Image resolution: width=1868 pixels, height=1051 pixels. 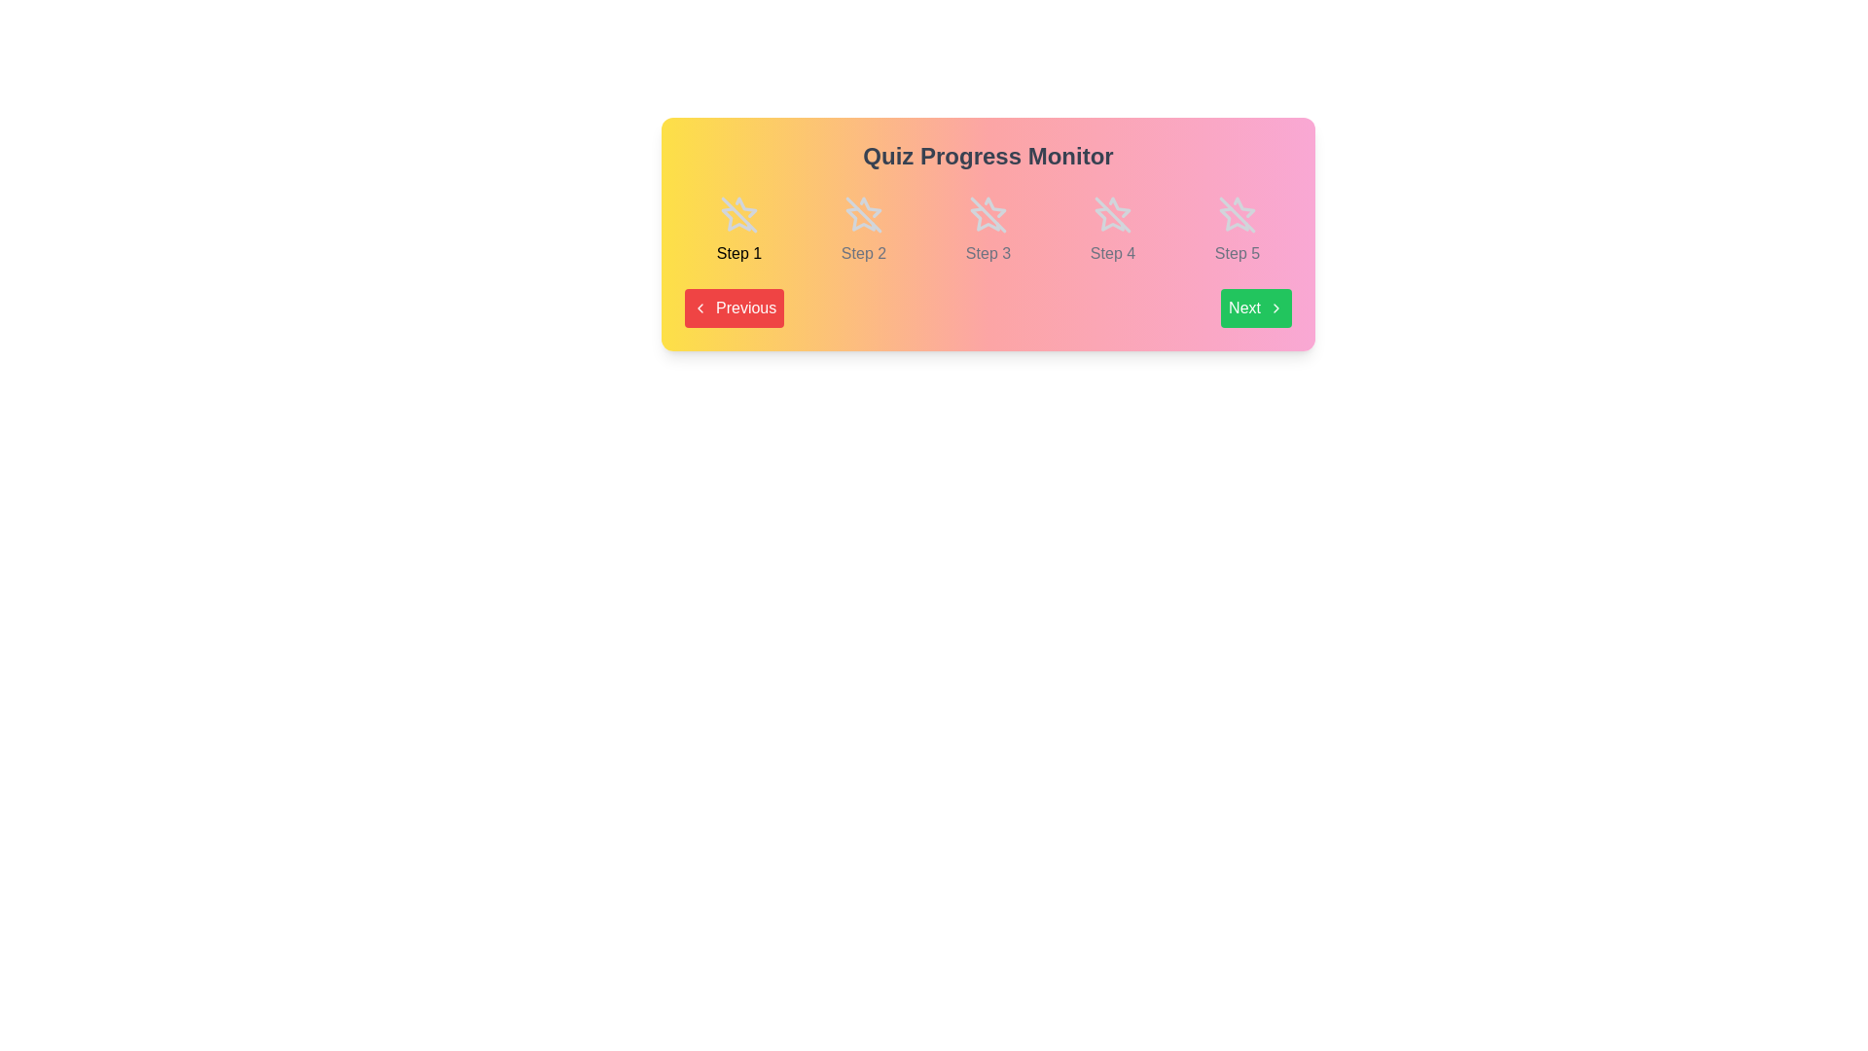 What do you see at coordinates (988, 214) in the screenshot?
I see `the third step indicator represented by a diagonal line within a star icon in the Quiz Progress Monitor section` at bounding box center [988, 214].